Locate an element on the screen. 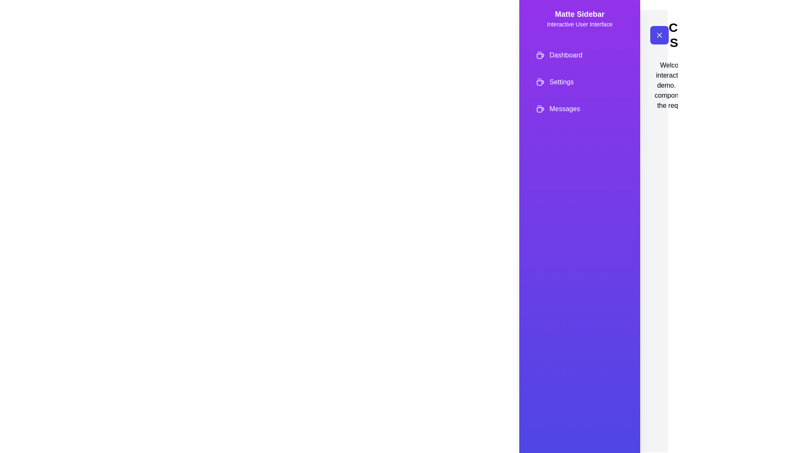 This screenshot has width=806, height=453. the 'Messages' button, which features a purple background, rounded corners, and is positioned between the 'Settings' item and subsequent entries in the sidebar menu is located at coordinates (579, 108).